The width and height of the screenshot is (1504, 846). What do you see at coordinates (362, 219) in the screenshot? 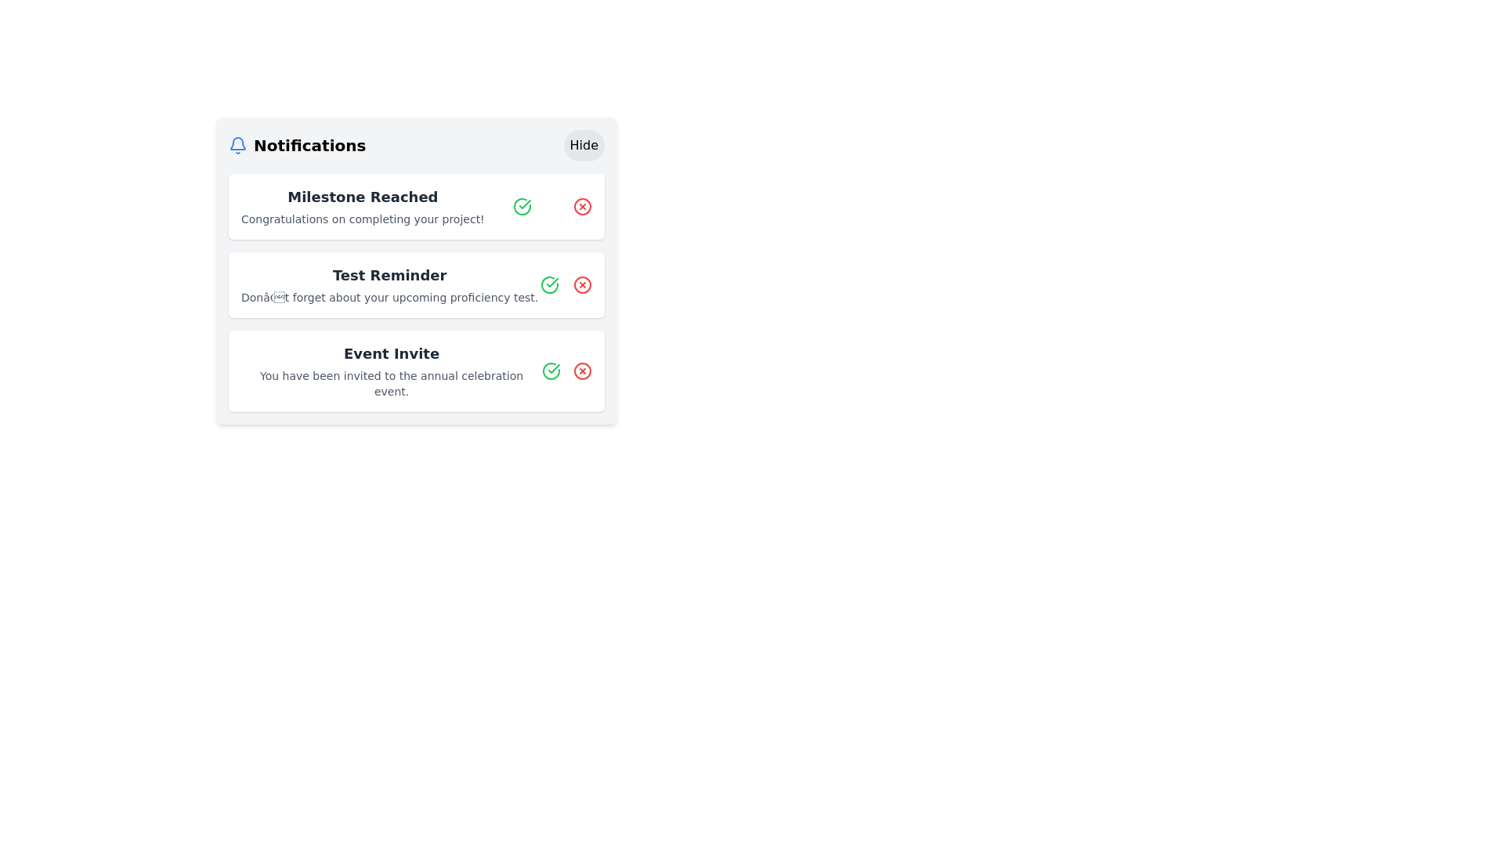
I see `detailed message provided in the text label located under the 'Milestone Reached' title in the first notification card of the 'Notifications' section` at bounding box center [362, 219].